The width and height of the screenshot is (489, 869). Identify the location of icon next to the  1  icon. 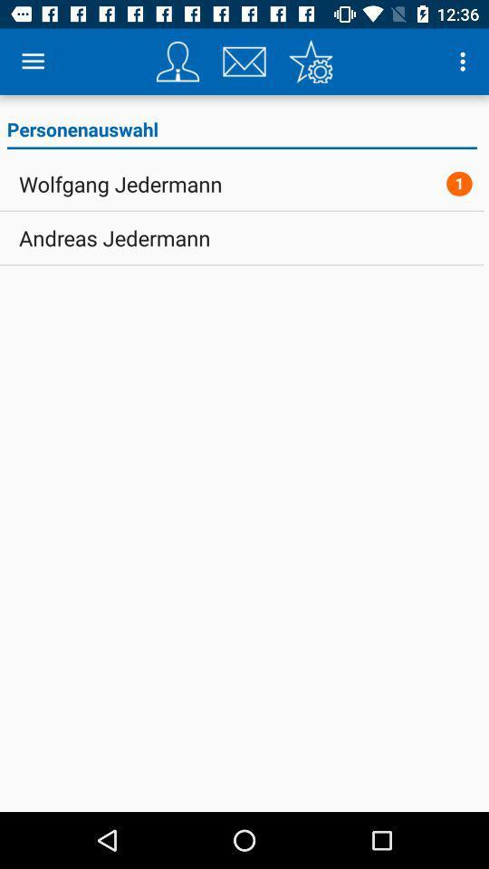
(120, 184).